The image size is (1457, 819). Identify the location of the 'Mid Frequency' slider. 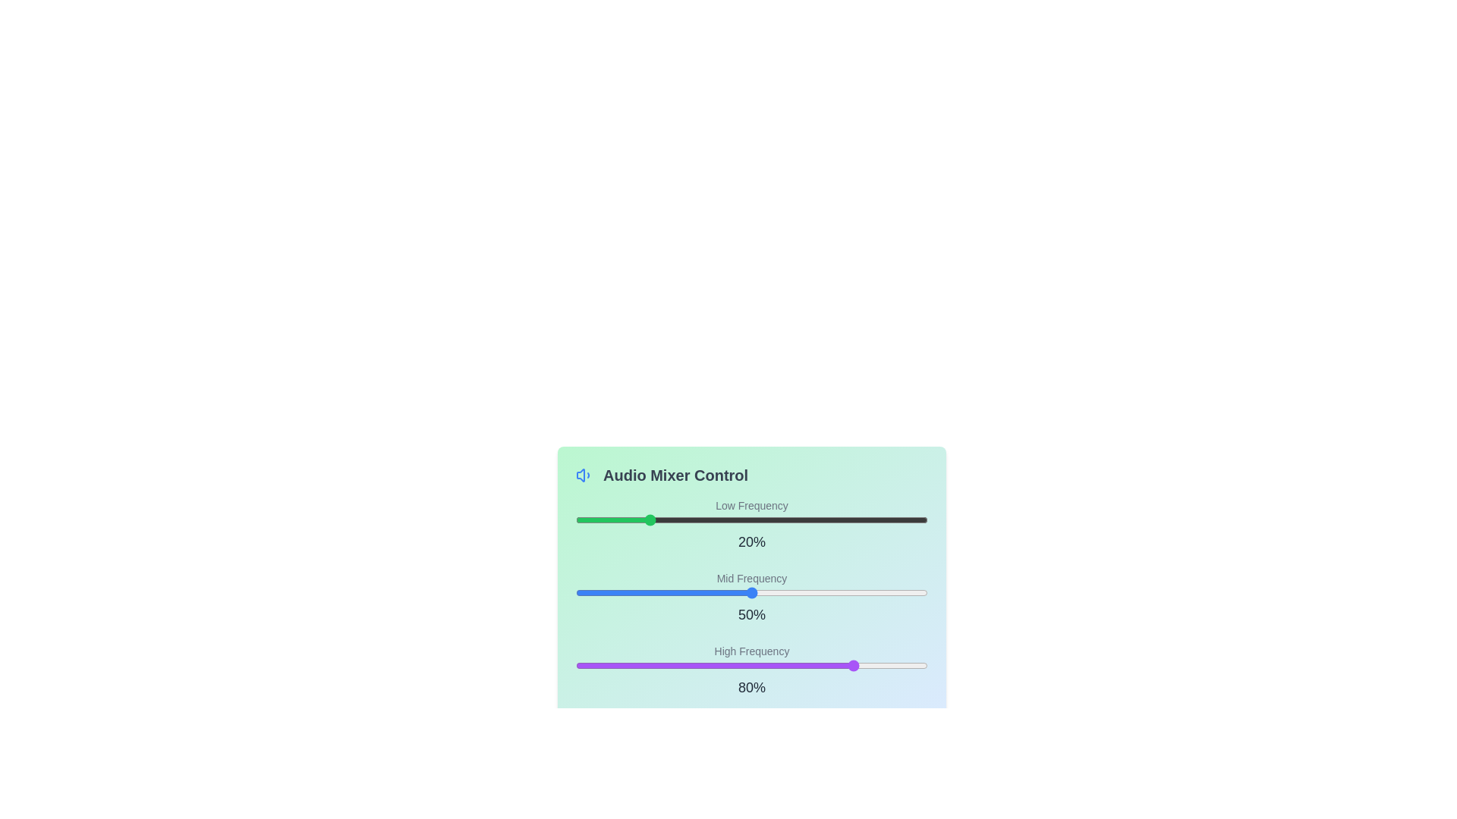
(646, 592).